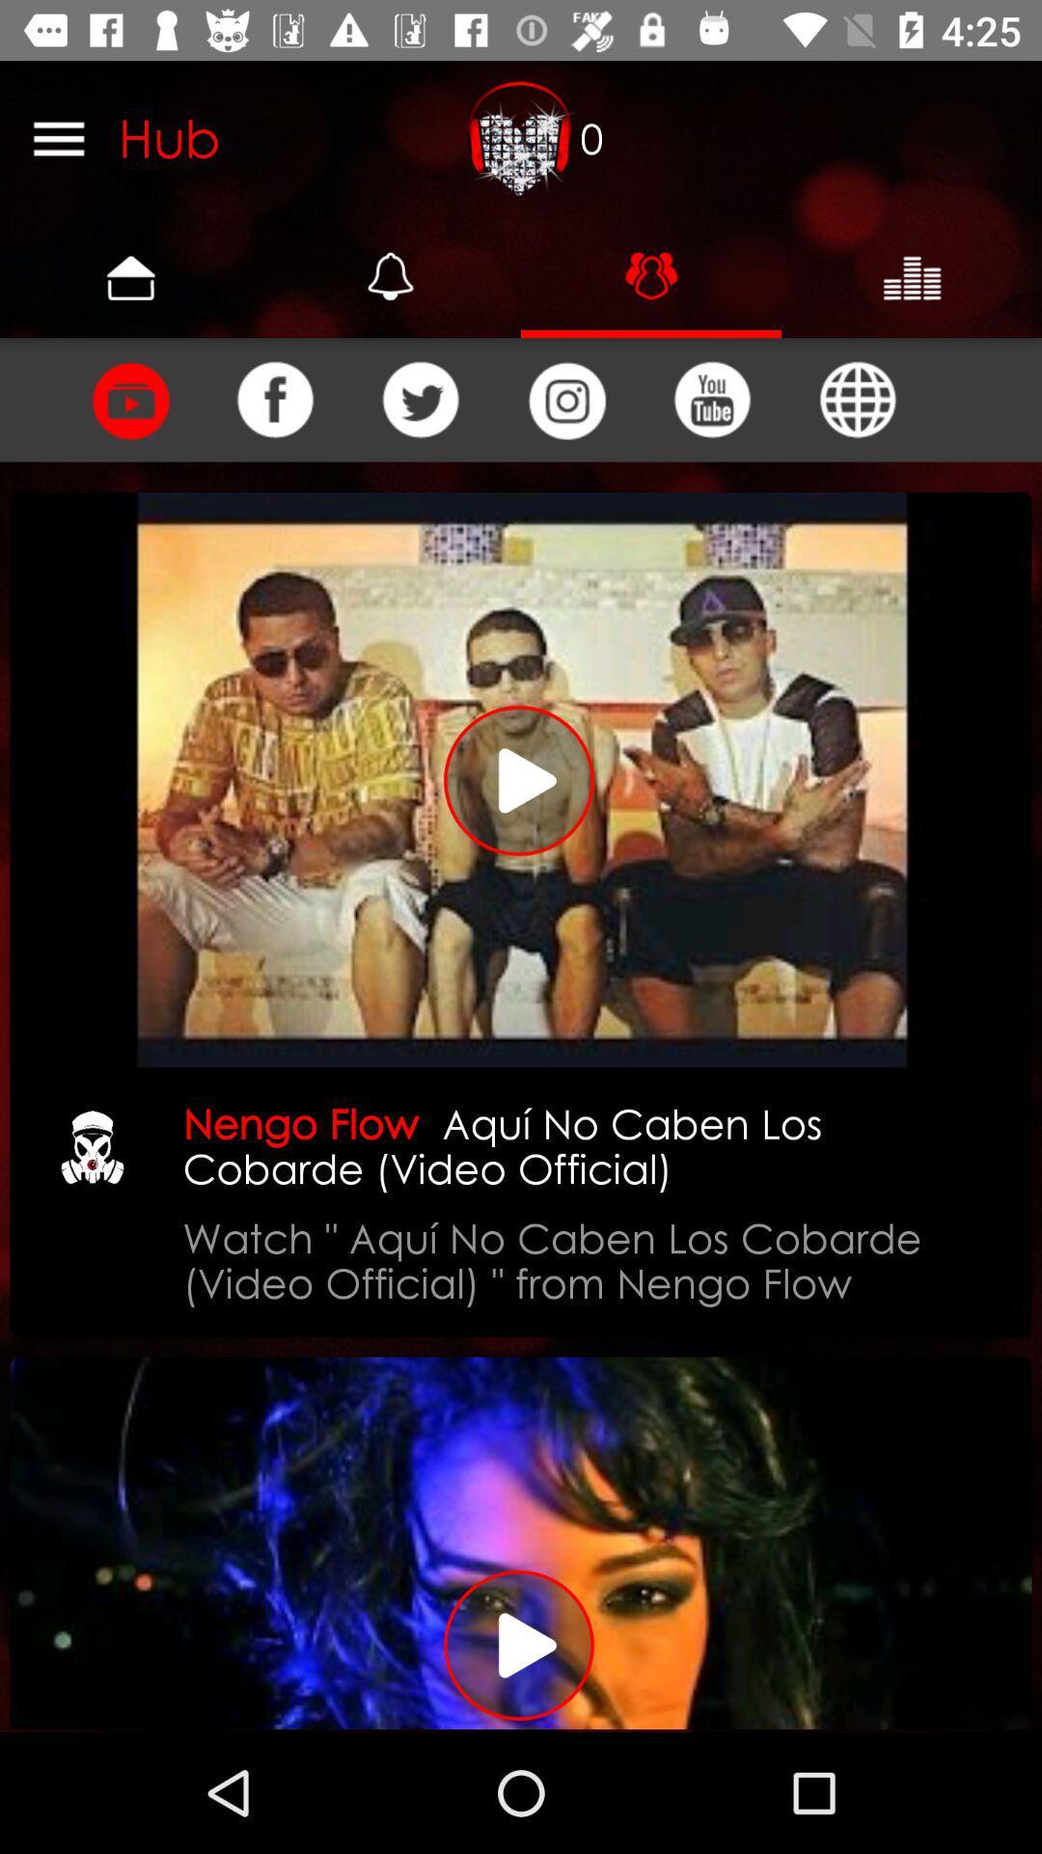 This screenshot has width=1042, height=1854. What do you see at coordinates (521, 137) in the screenshot?
I see `item to the right of the hub item` at bounding box center [521, 137].